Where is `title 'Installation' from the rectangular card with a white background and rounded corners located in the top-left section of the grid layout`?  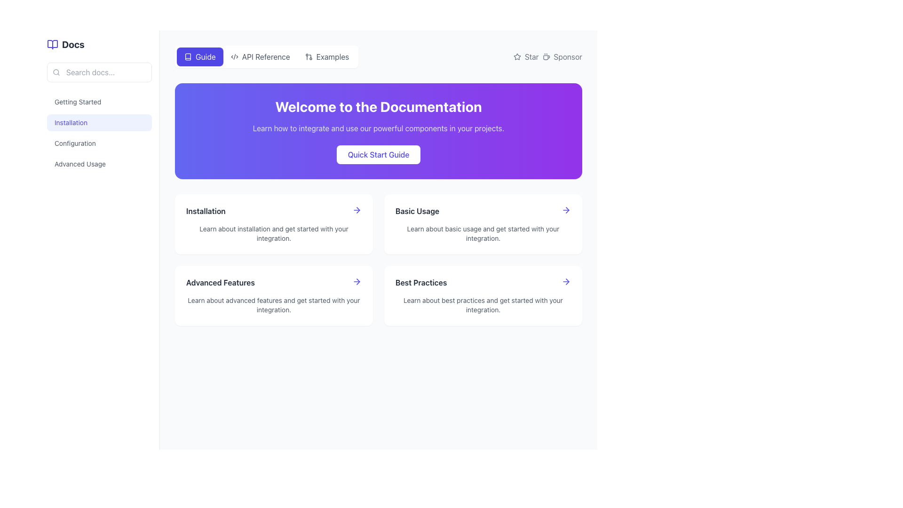
title 'Installation' from the rectangular card with a white background and rounded corners located in the top-left section of the grid layout is located at coordinates (273, 224).